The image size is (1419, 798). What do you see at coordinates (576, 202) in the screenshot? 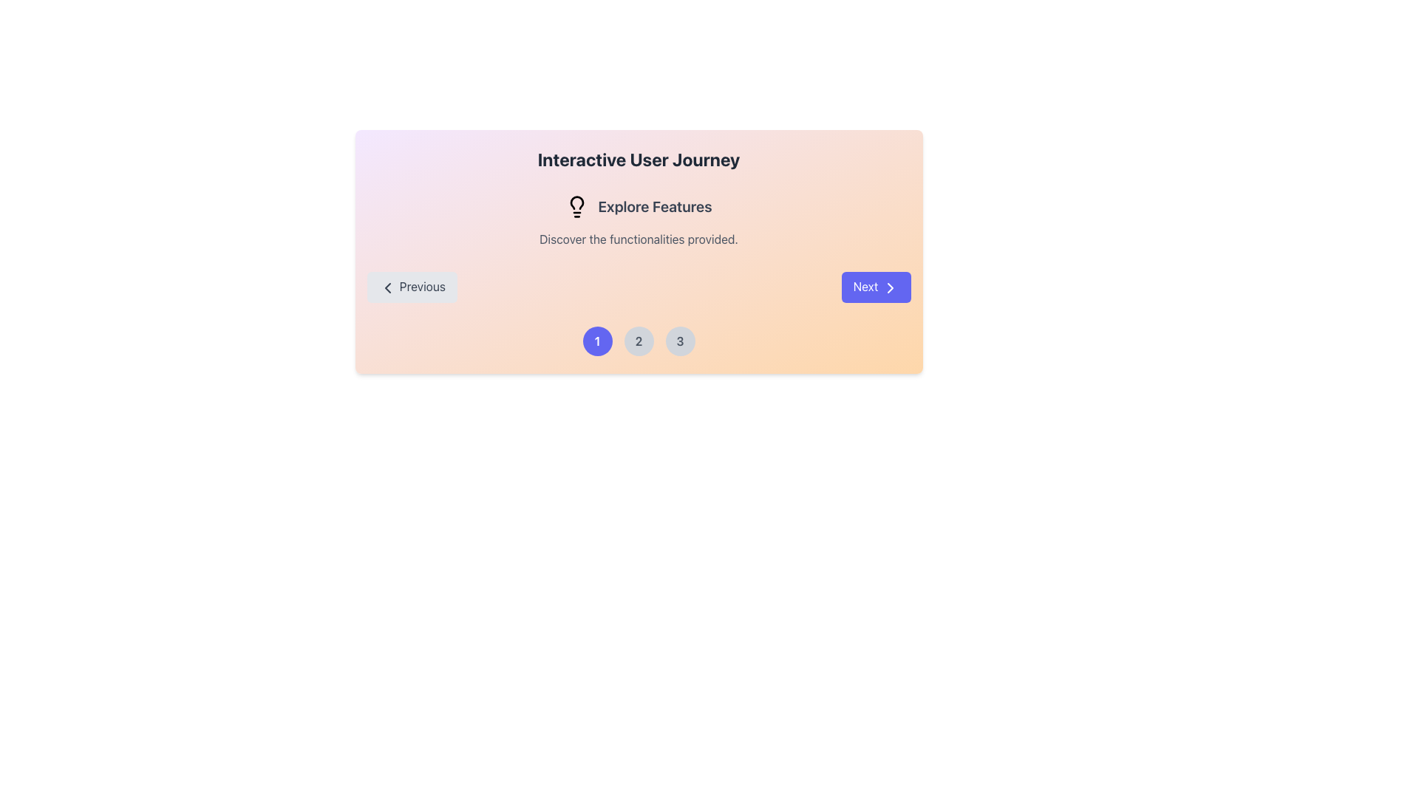
I see `the topmost curved line of the lightbulb illustration, which is styled with a thin stroke and represents the internal outline of the bulb` at bounding box center [576, 202].